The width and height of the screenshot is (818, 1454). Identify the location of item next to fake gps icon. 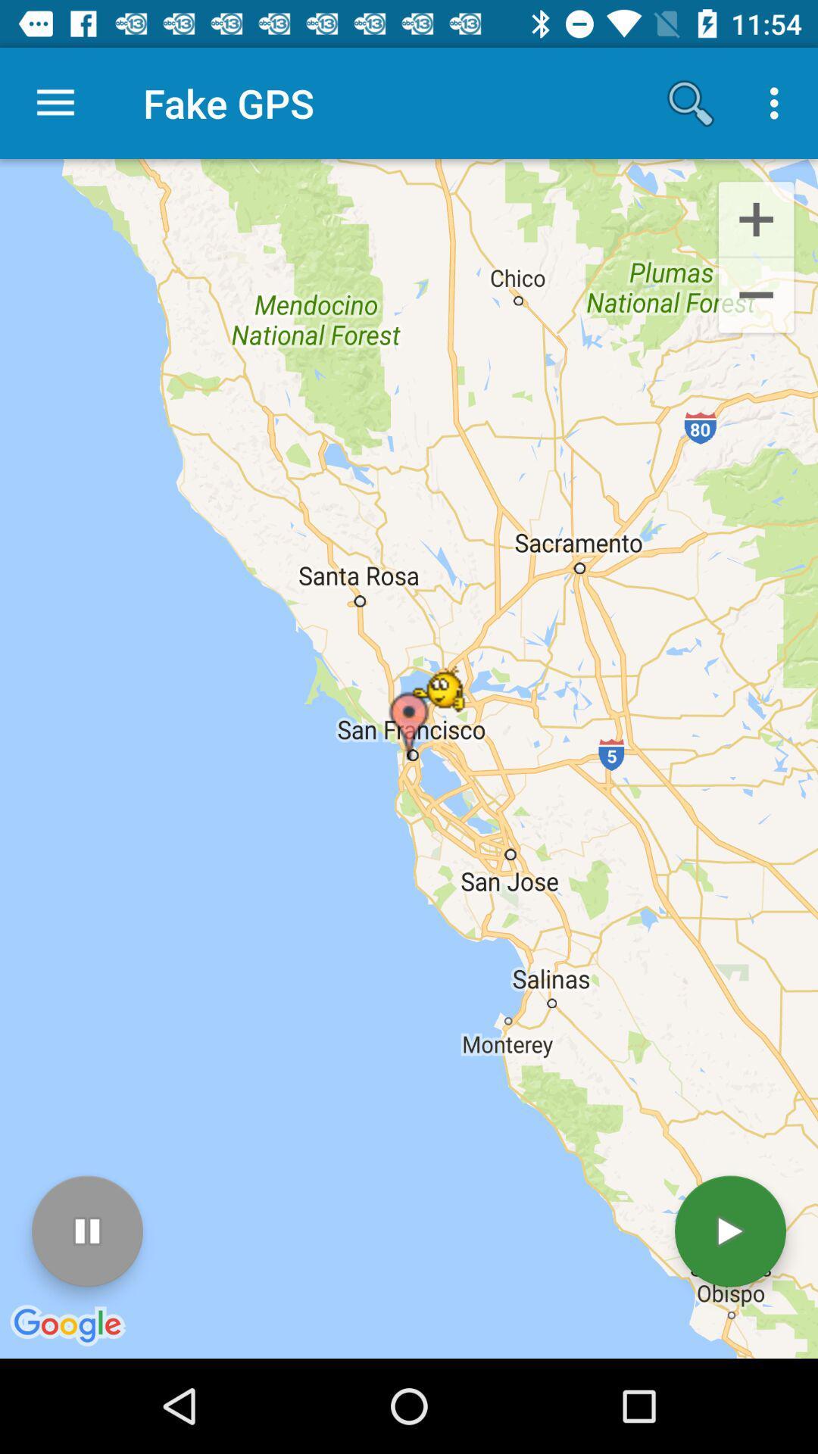
(55, 102).